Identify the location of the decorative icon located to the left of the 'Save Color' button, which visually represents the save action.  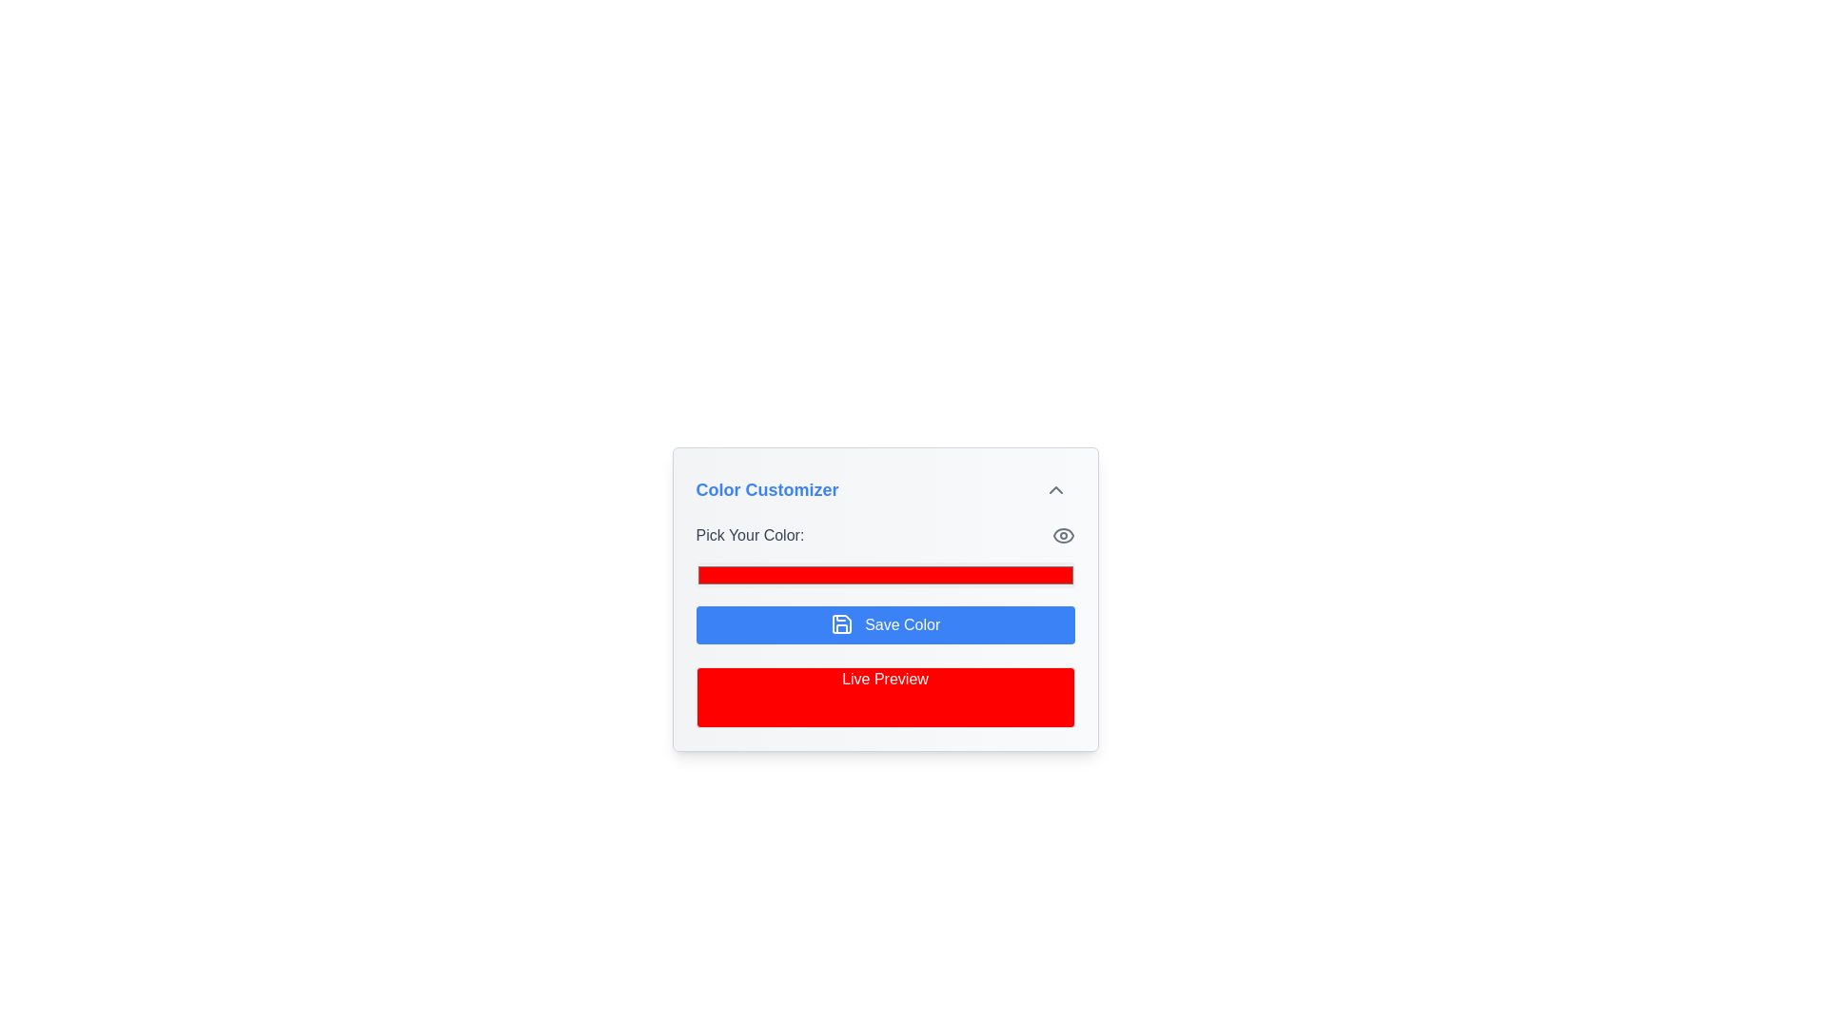
(840, 623).